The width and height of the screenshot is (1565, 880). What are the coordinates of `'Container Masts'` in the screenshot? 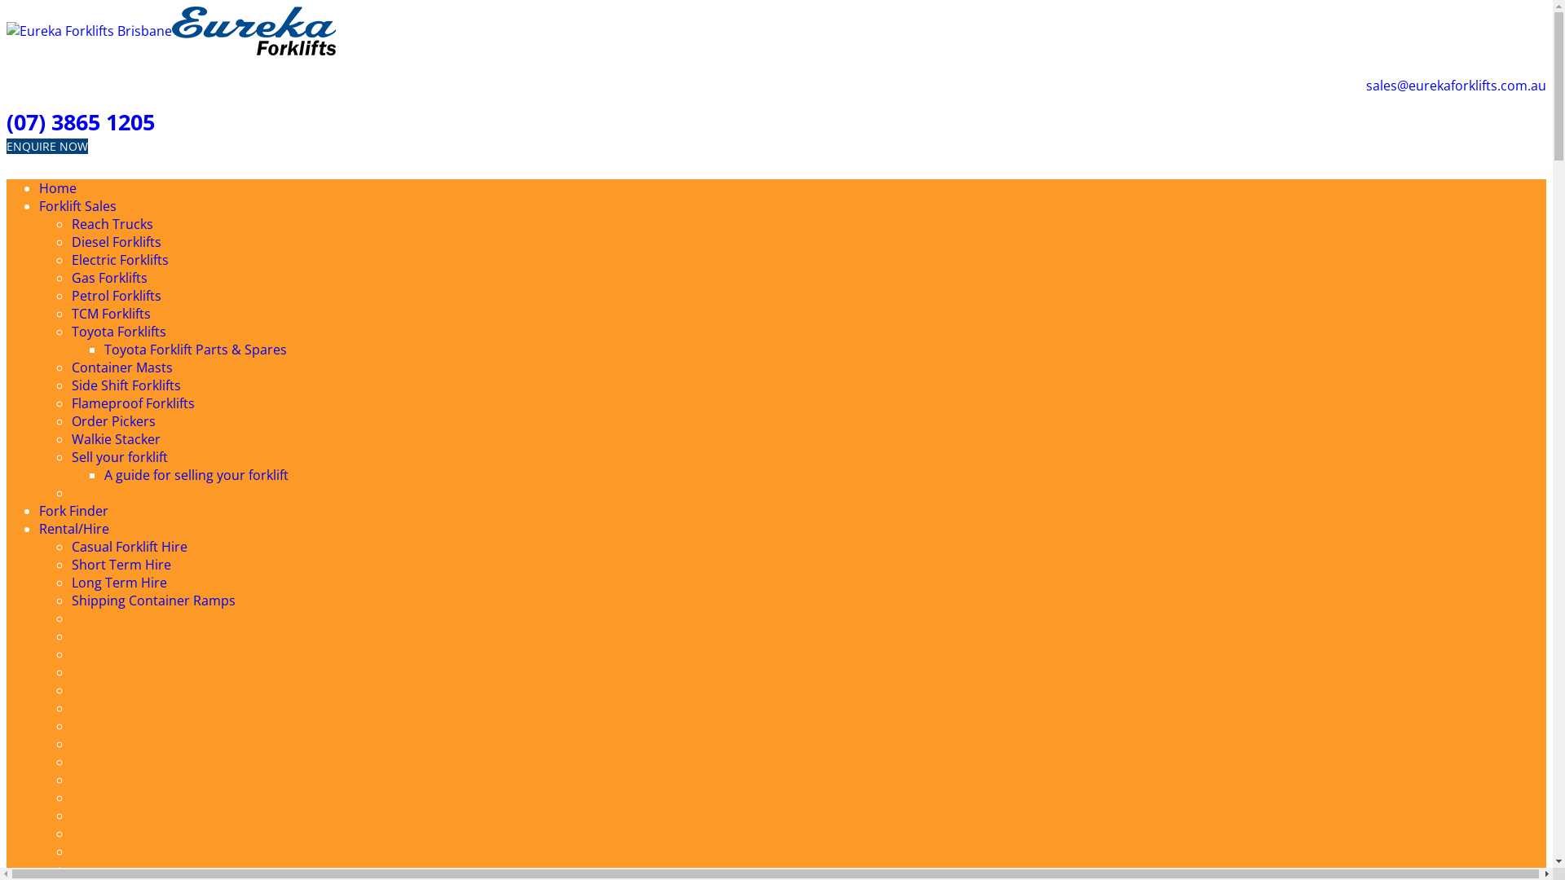 It's located at (121, 367).